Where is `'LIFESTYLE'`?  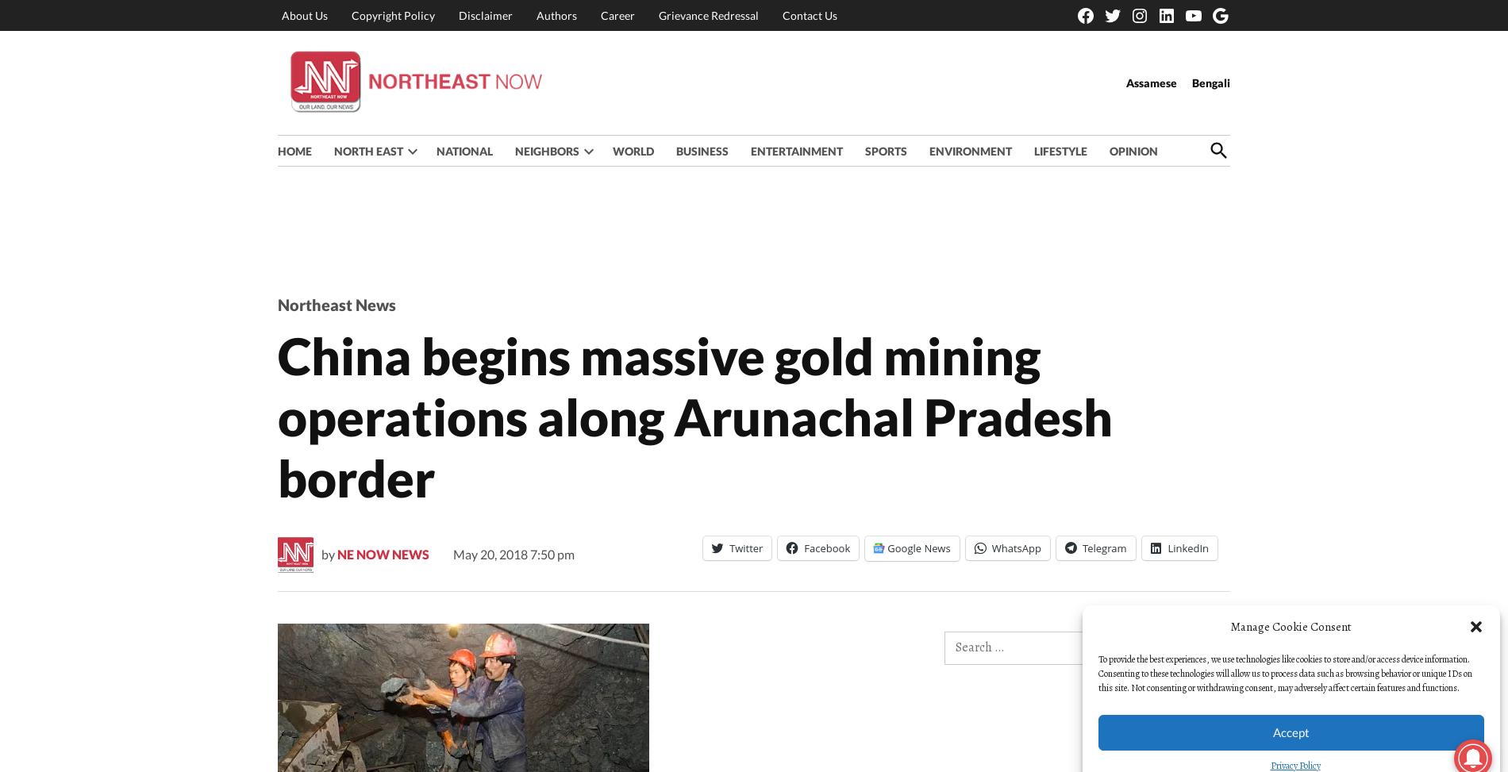
'LIFESTYLE' is located at coordinates (1060, 150).